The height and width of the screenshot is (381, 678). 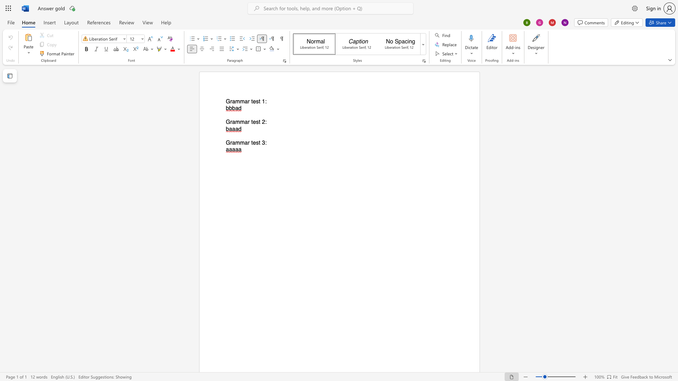 What do you see at coordinates (255, 122) in the screenshot?
I see `the space between the continuous character "e" and "s" in the text` at bounding box center [255, 122].